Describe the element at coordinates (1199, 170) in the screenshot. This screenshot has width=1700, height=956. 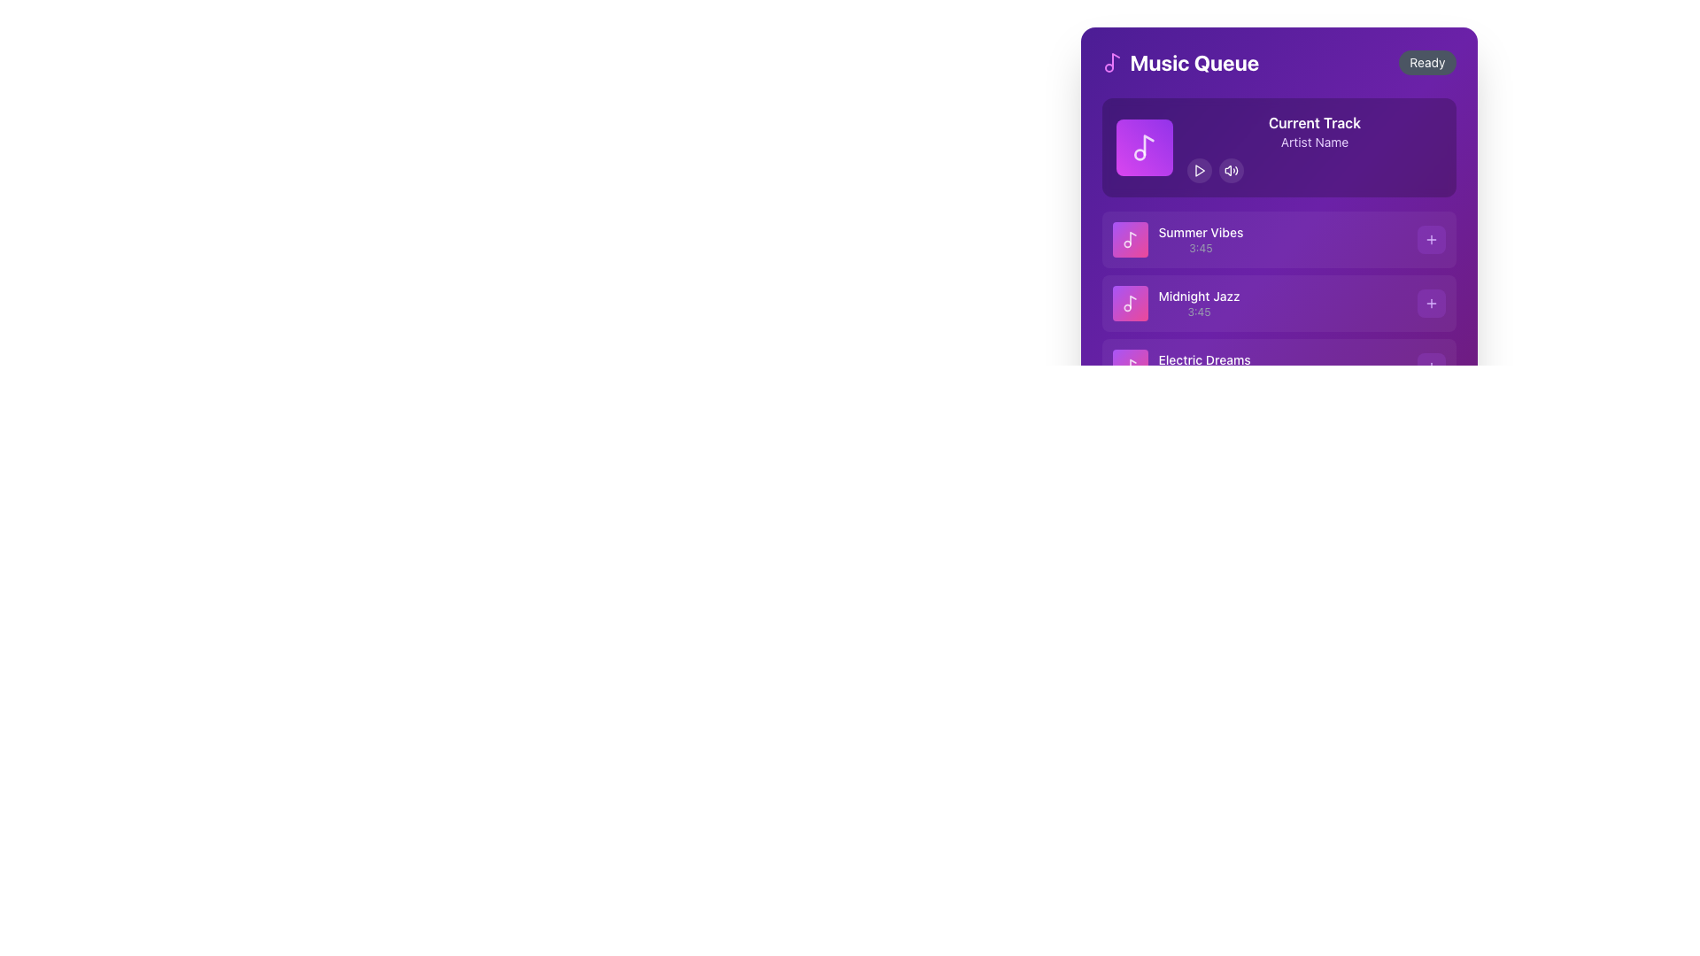
I see `the circular play button located in the 'Music Queue' card, which is the leftmost control button under the 'Current Track' section, to initiate playback` at that location.